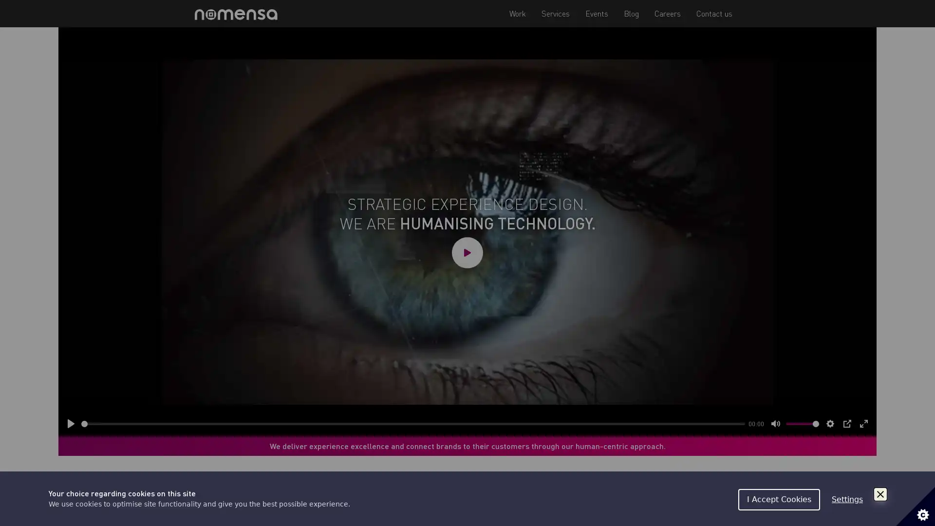  Describe the element at coordinates (467, 251) in the screenshot. I see `Play video` at that location.